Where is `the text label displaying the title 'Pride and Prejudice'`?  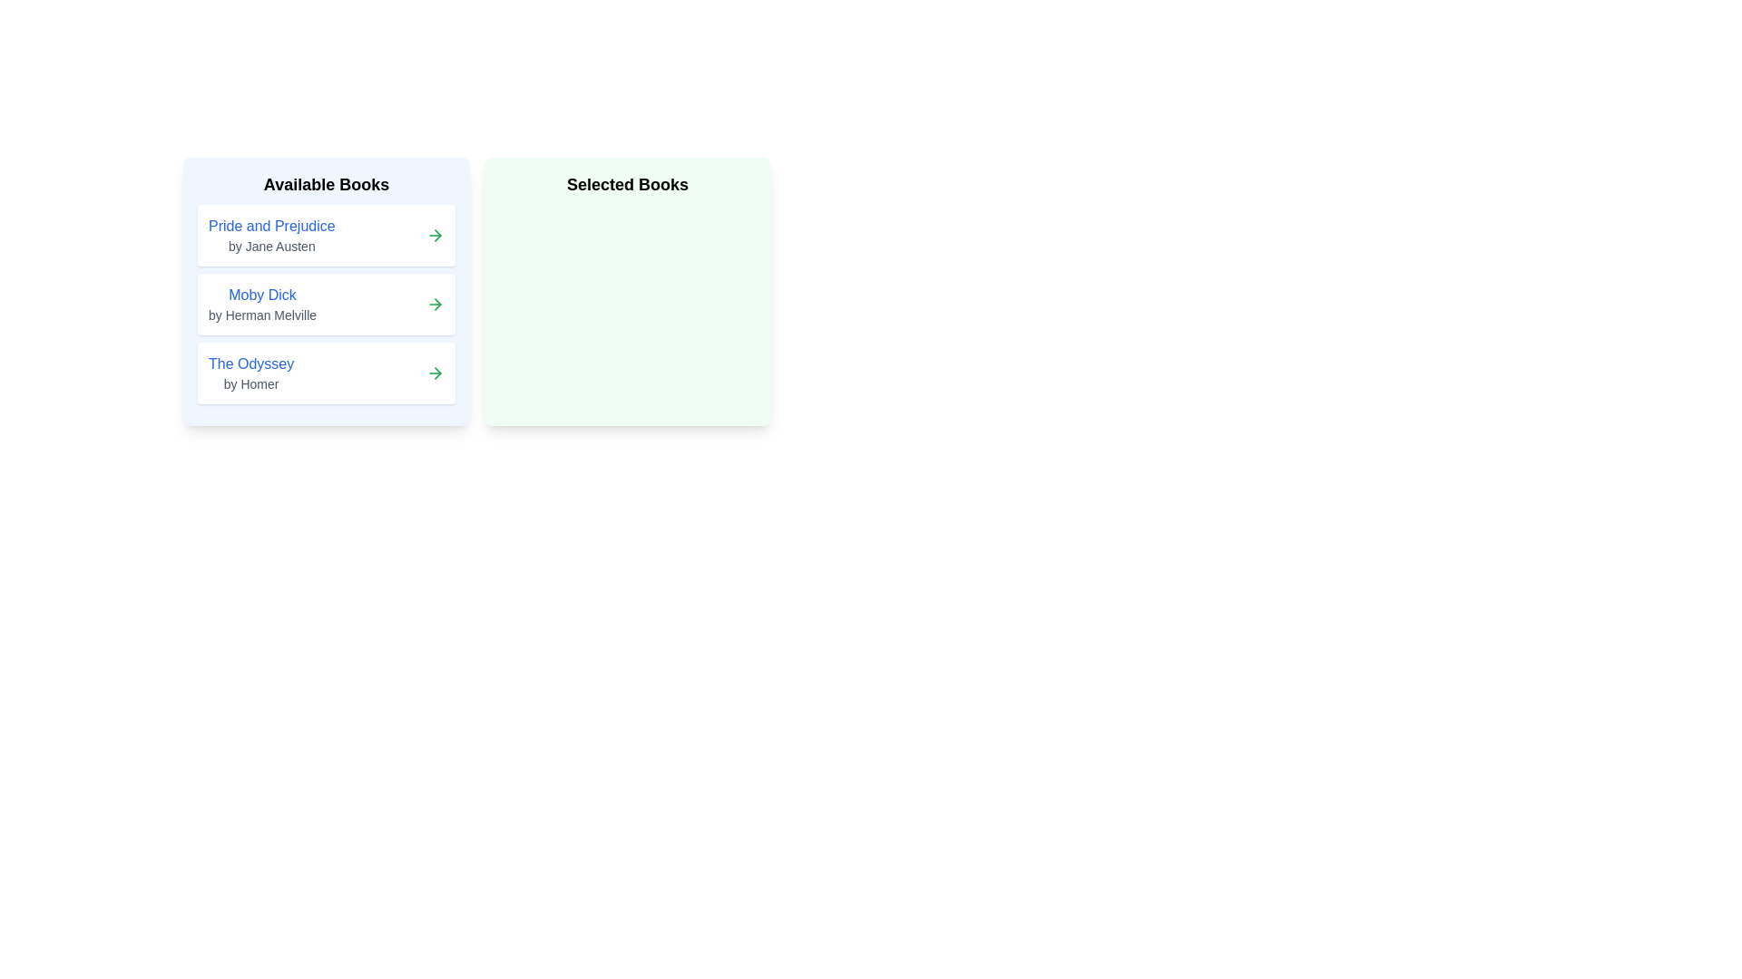
the text label displaying the title 'Pride and Prejudice' is located at coordinates (270, 226).